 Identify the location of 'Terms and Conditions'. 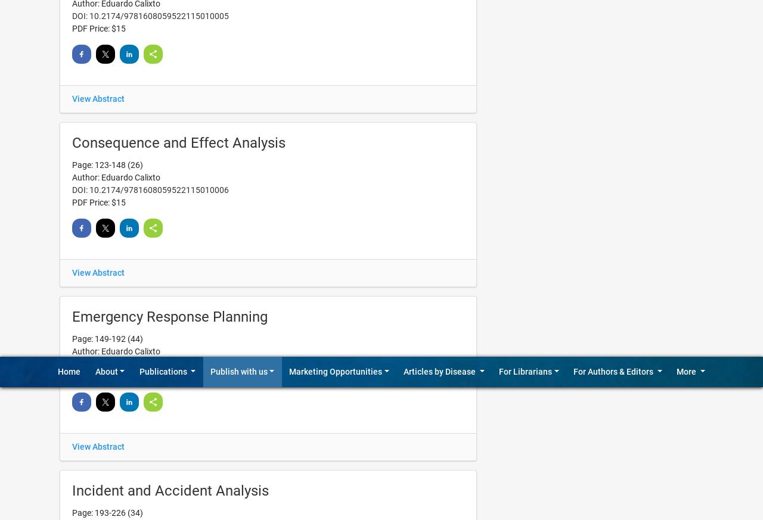
(540, 68).